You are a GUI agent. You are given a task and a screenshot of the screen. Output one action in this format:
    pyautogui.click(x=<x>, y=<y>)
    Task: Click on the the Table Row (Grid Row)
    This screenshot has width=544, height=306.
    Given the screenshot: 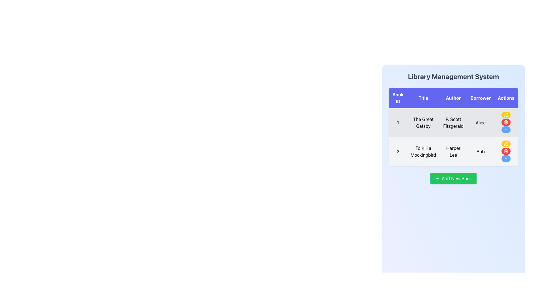 What is the action you would take?
    pyautogui.click(x=453, y=137)
    